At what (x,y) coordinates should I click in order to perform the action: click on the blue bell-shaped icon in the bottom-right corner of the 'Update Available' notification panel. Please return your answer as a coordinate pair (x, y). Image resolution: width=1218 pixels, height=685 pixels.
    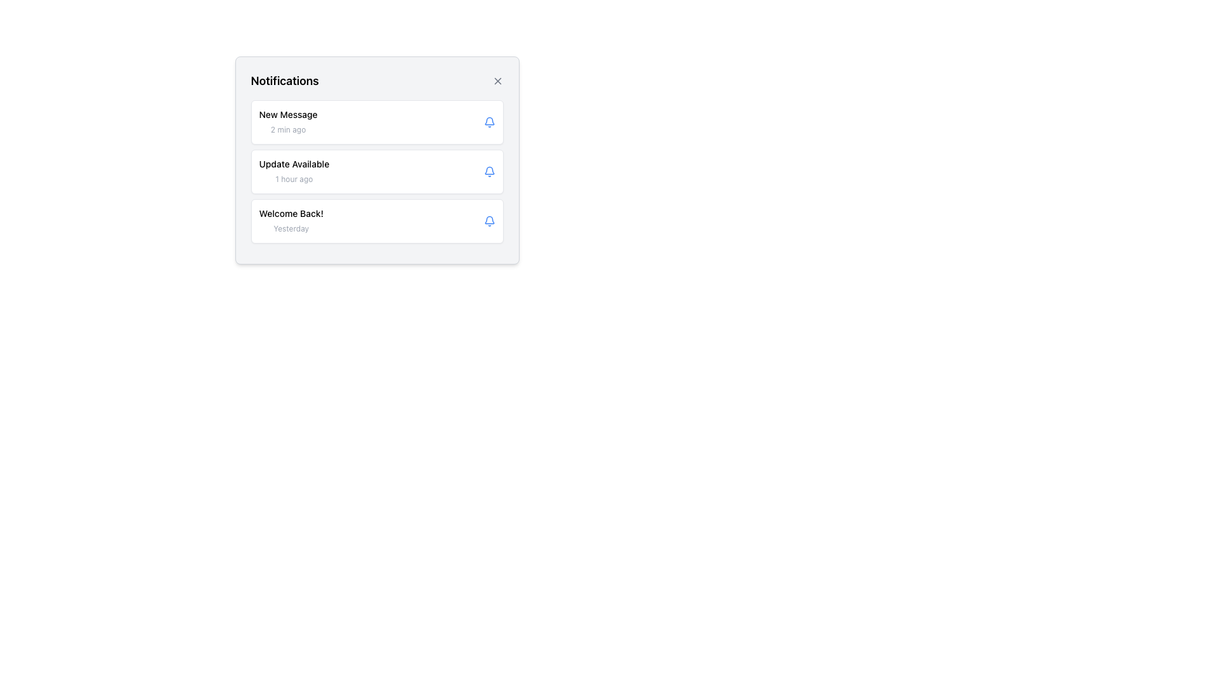
    Looking at the image, I should click on (488, 171).